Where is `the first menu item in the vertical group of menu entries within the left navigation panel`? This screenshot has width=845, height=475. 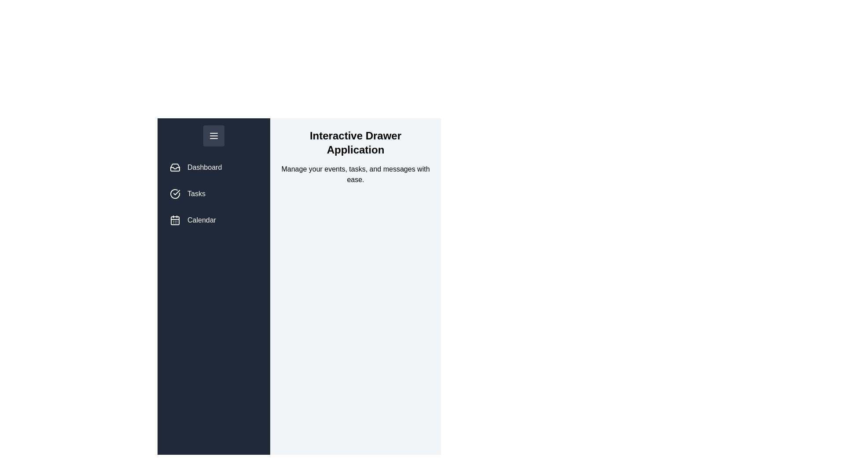 the first menu item in the vertical group of menu entries within the left navigation panel is located at coordinates (213, 168).